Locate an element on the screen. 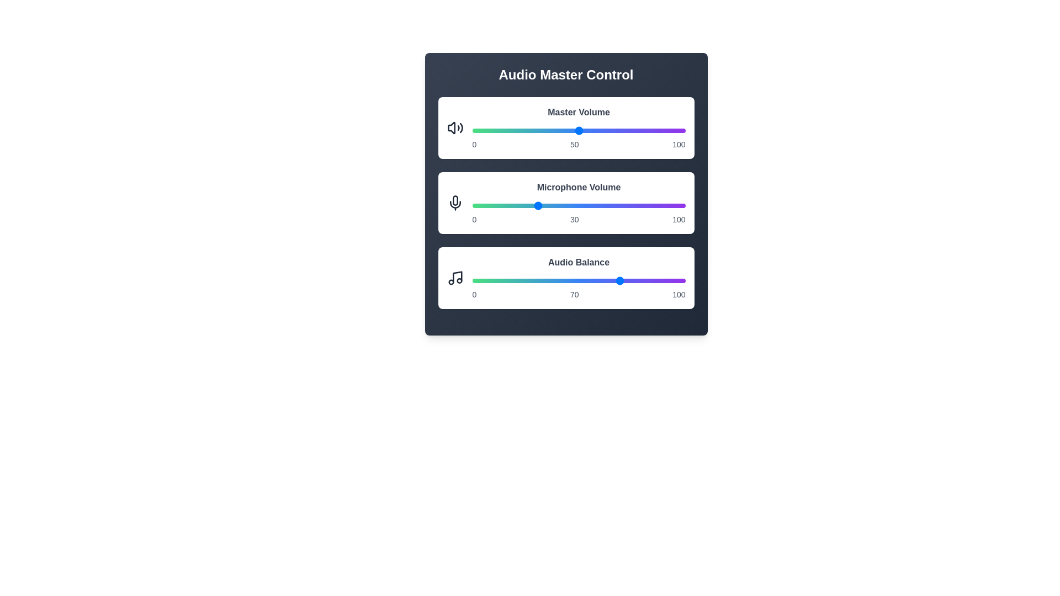  the microphone volume slider to 23% is located at coordinates (521, 206).